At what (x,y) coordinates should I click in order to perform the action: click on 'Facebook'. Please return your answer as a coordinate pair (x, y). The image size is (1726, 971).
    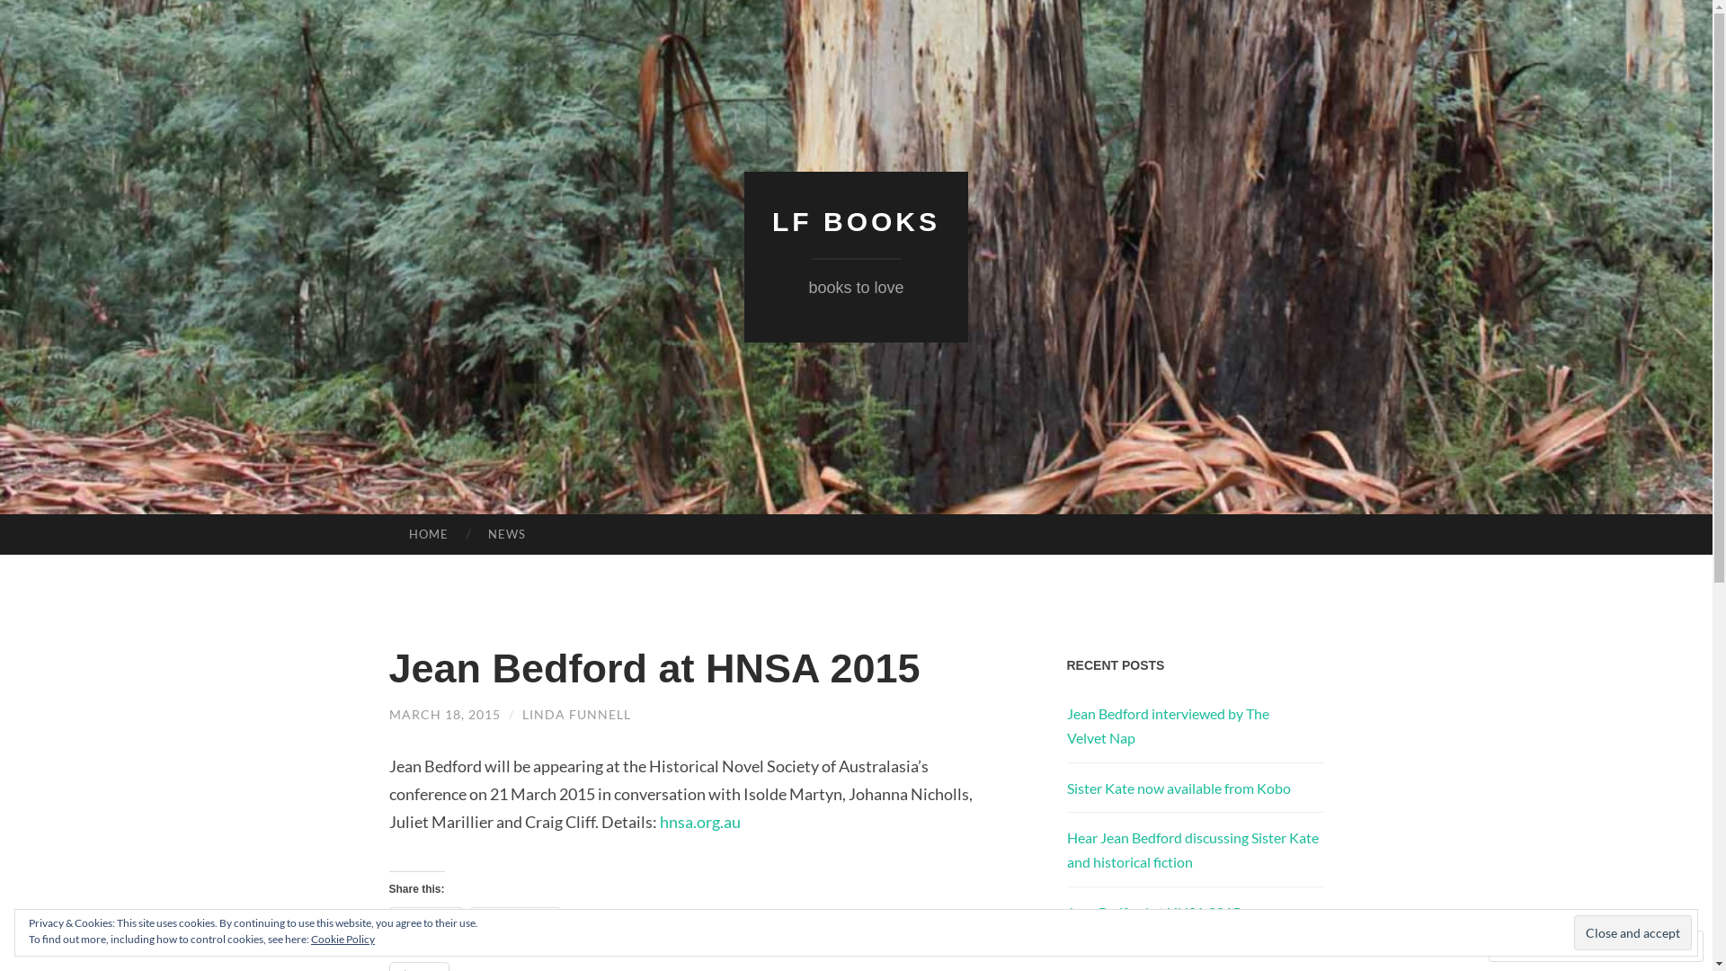
    Looking at the image, I should click on (514, 922).